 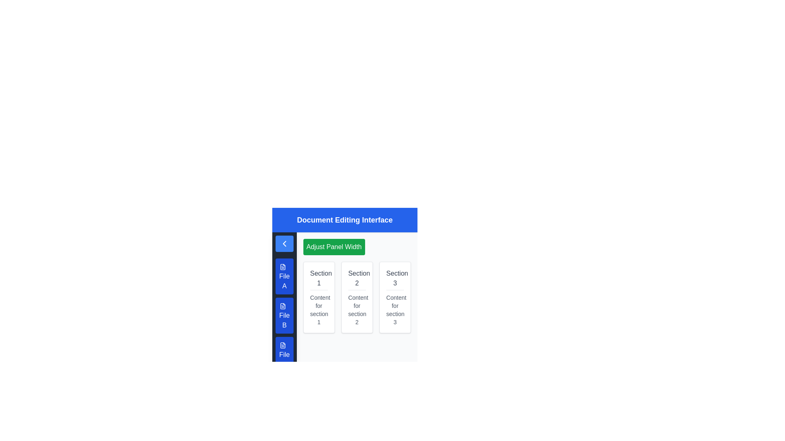 What do you see at coordinates (318, 279) in the screenshot?
I see `the text label reading 'Section 1', which is styled in gray and positioned at the top of a white card with a shadow and rounded corners` at bounding box center [318, 279].